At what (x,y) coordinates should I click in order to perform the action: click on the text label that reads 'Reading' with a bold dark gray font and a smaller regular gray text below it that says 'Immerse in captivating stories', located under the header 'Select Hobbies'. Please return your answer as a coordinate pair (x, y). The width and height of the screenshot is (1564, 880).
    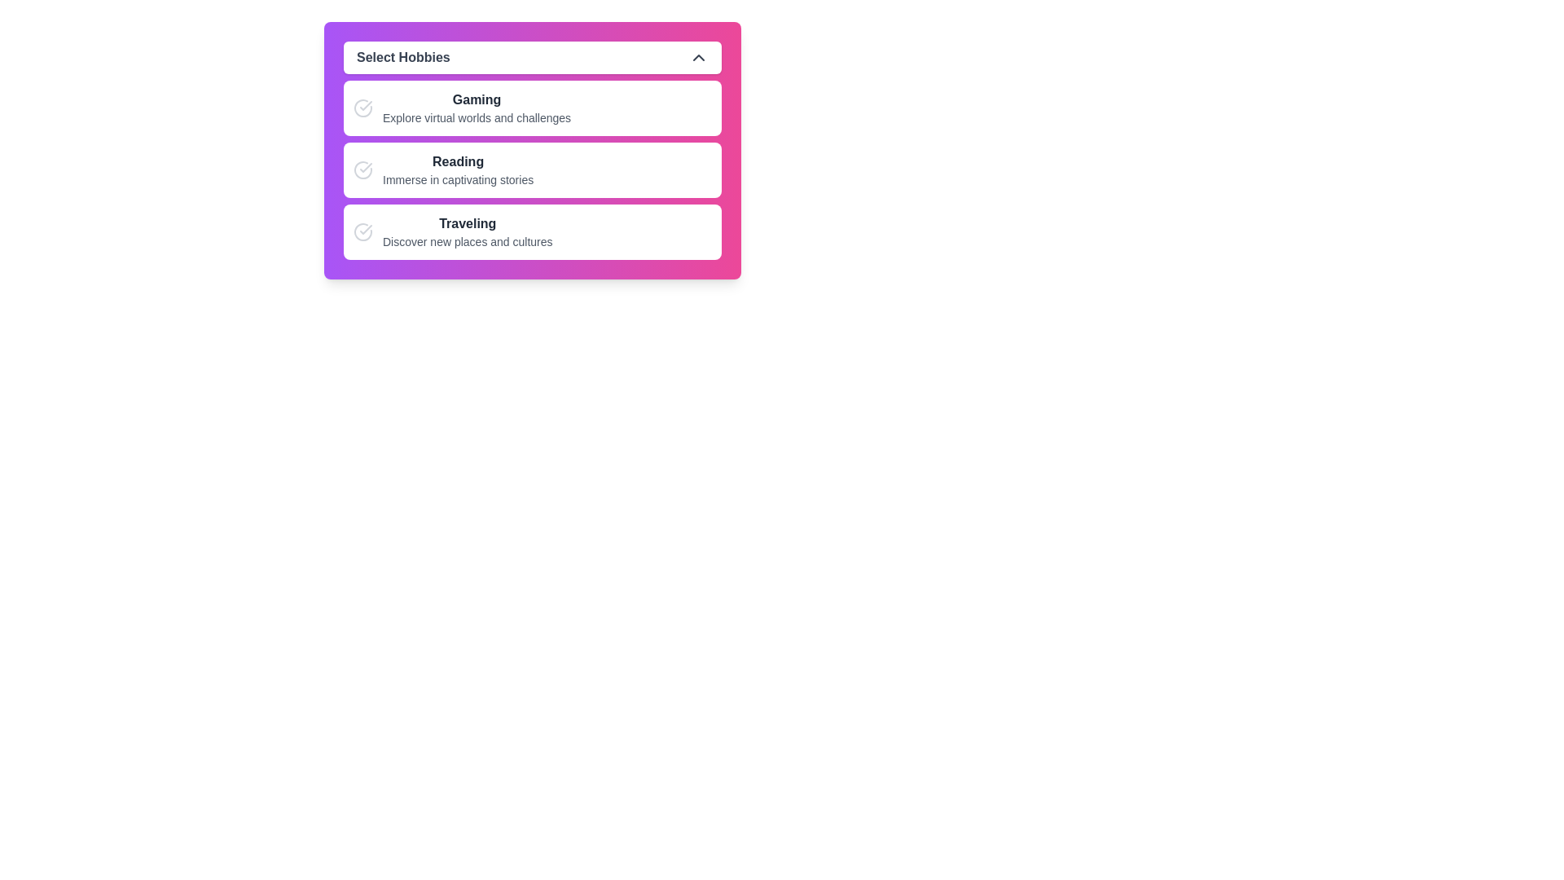
    Looking at the image, I should click on (457, 169).